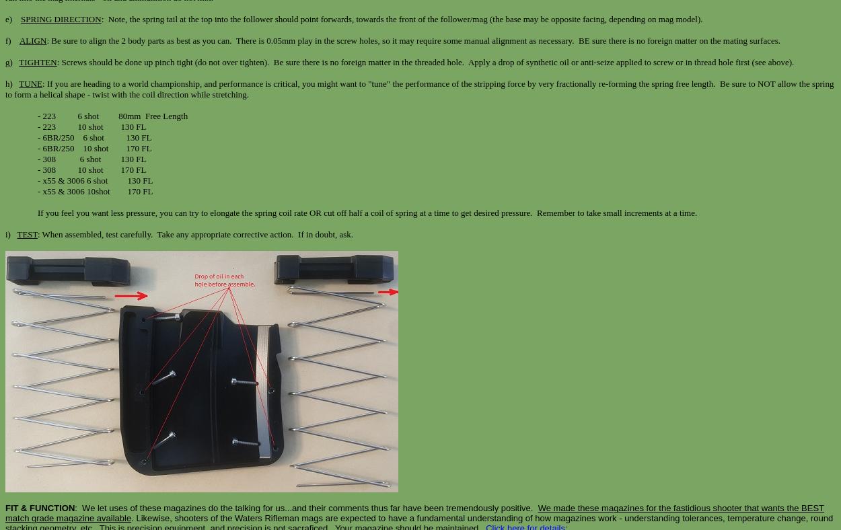  Describe the element at coordinates (5, 508) in the screenshot. I see `'FIT & FUNCTION'` at that location.